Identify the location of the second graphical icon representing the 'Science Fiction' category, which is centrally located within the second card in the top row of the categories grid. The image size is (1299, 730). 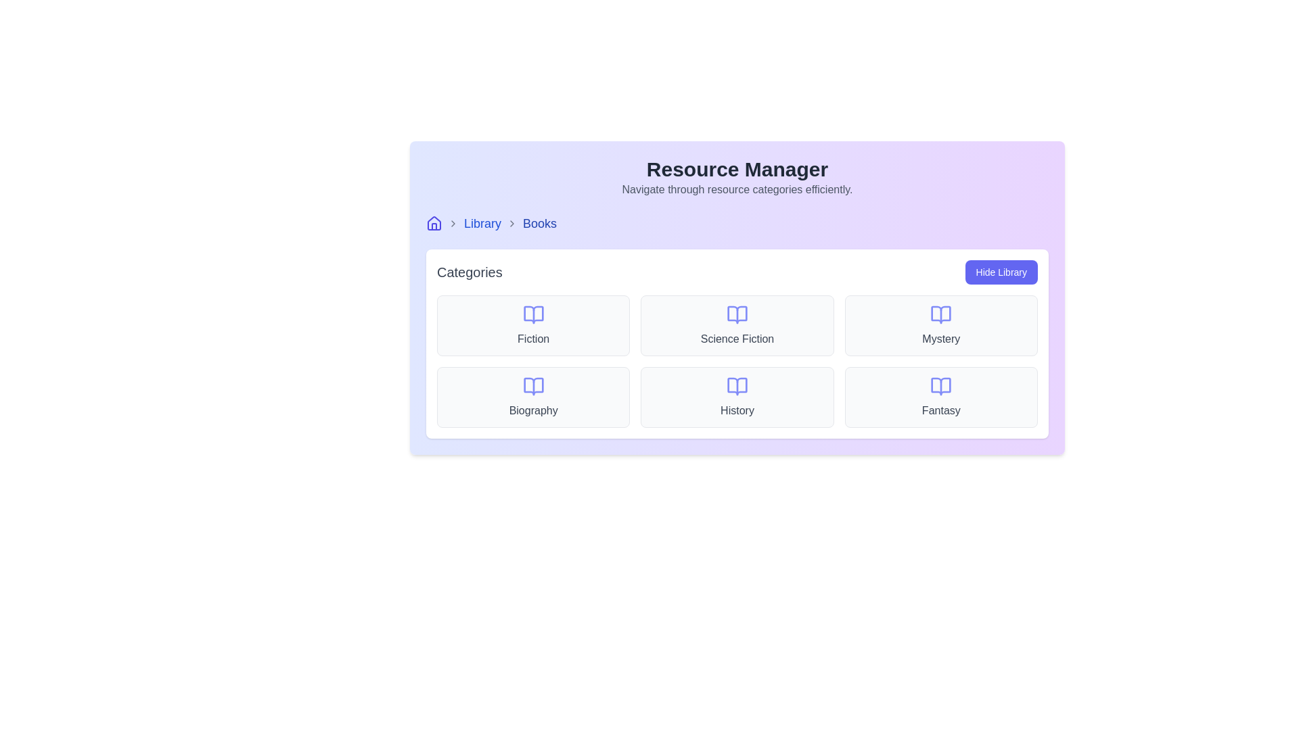
(736, 315).